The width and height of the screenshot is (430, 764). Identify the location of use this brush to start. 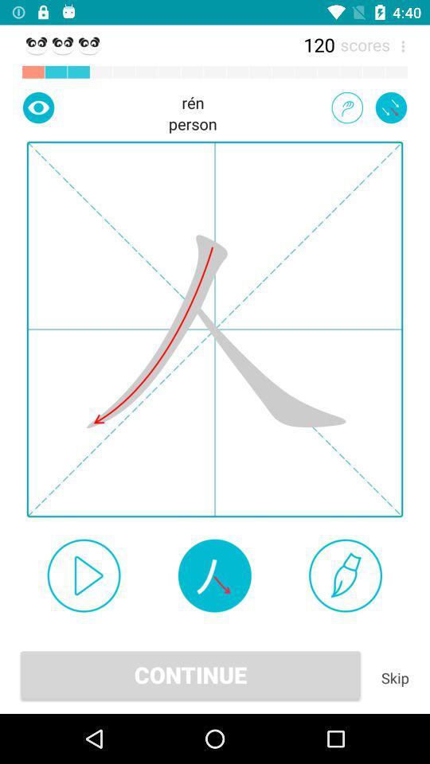
(345, 575).